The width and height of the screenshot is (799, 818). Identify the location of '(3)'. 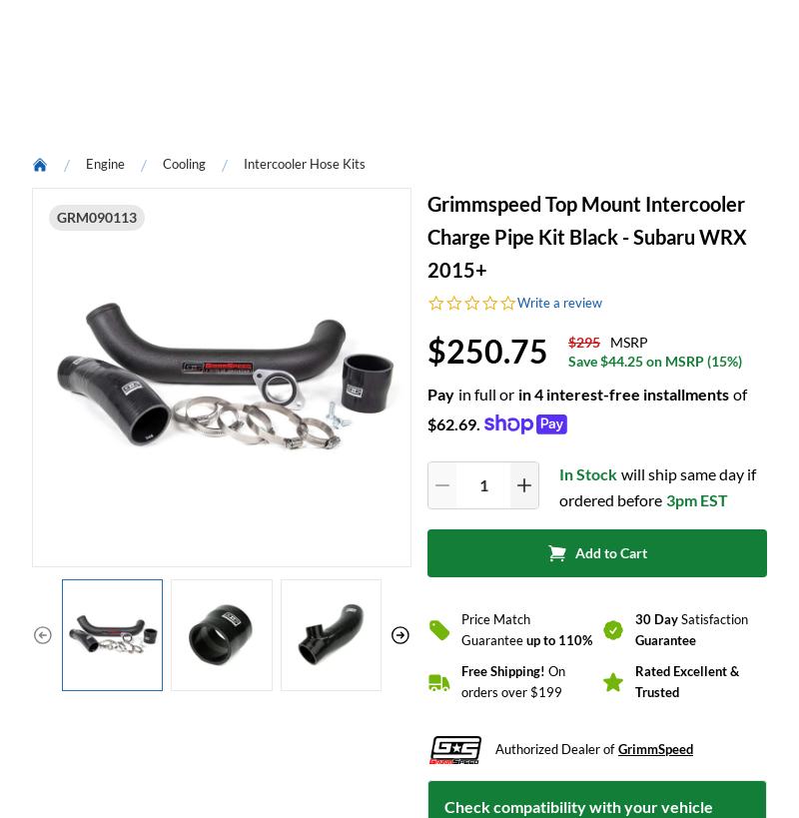
(167, 281).